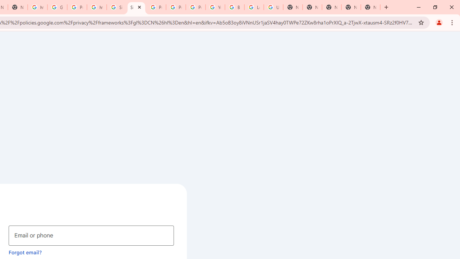 Image resolution: width=460 pixels, height=259 pixels. What do you see at coordinates (371, 7) in the screenshot?
I see `'New Tab'` at bounding box center [371, 7].